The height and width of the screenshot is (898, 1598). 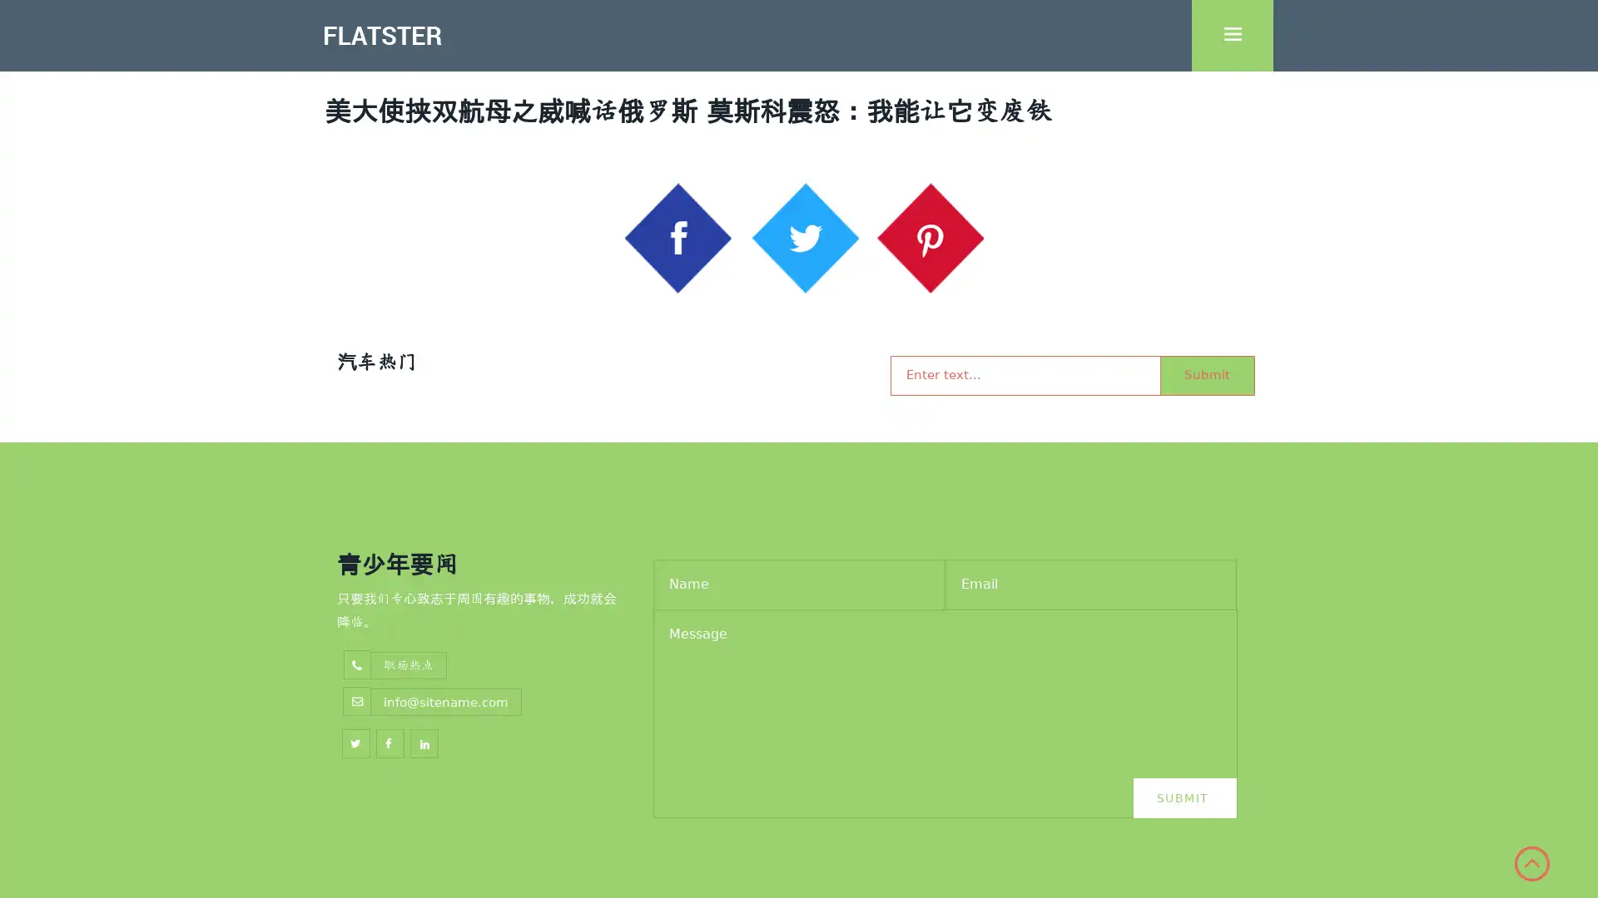 I want to click on Submit, so click(x=1184, y=797).